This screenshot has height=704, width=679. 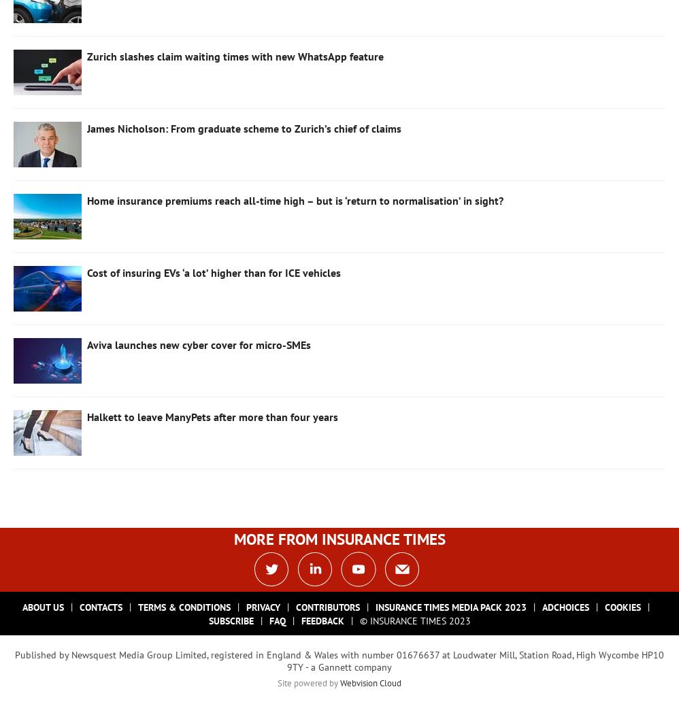 What do you see at coordinates (22, 606) in the screenshot?
I see `'About Us'` at bounding box center [22, 606].